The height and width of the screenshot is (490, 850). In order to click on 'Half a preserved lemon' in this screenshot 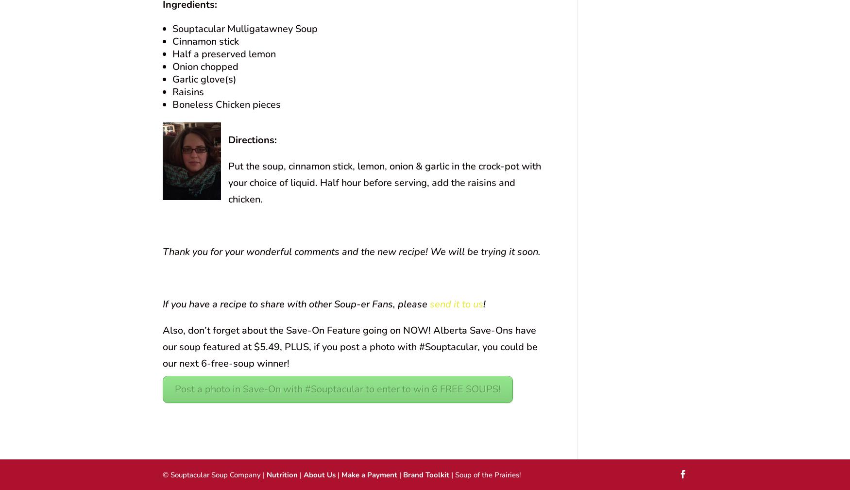, I will do `click(224, 53)`.